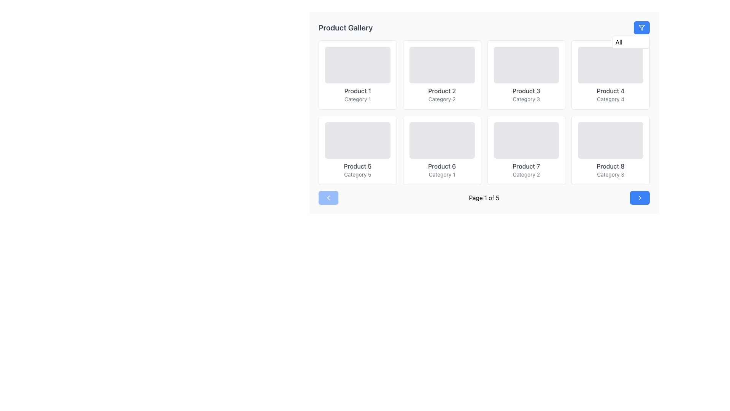 The width and height of the screenshot is (730, 411). Describe the element at coordinates (641, 27) in the screenshot. I see `the small blue button with a filter icon located at the top-right corner of the 'Product Gallery' section, to the right of the text 'All'` at that location.